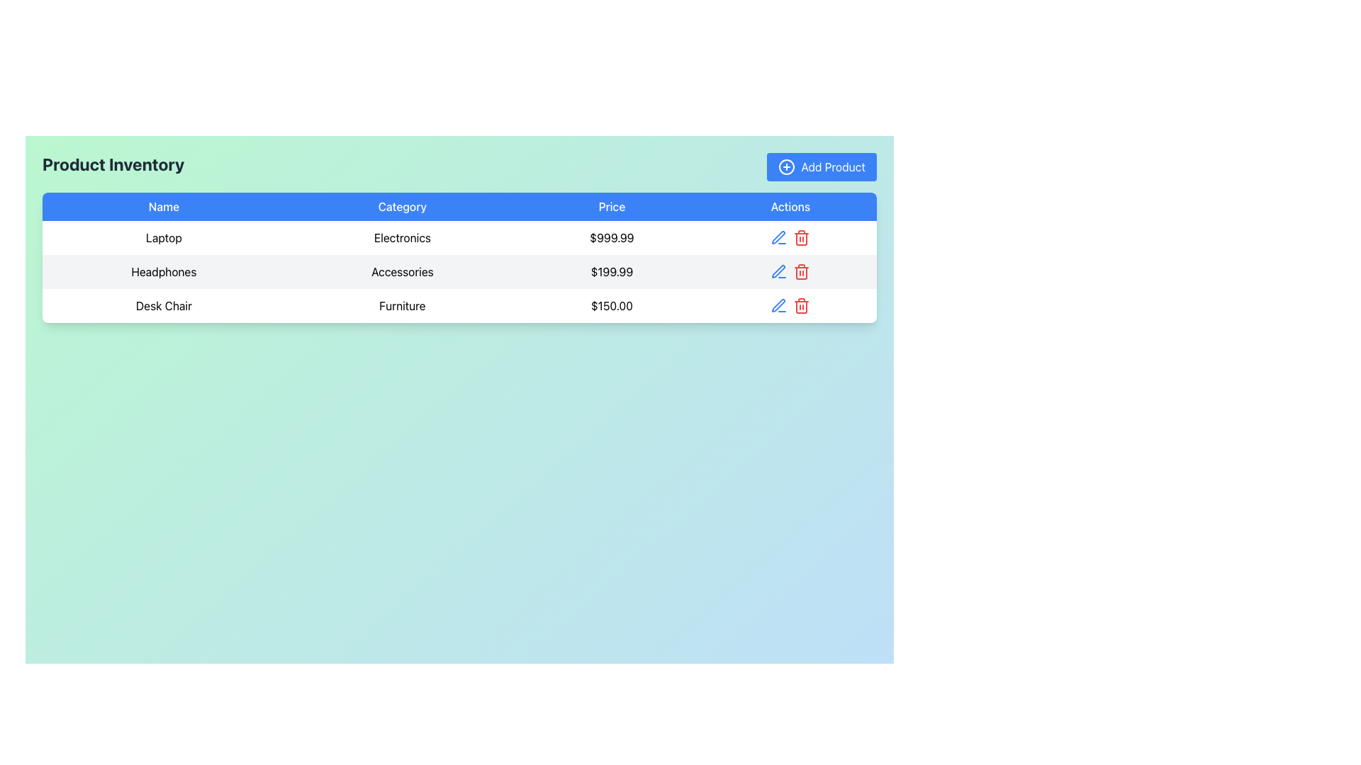 This screenshot has width=1361, height=765. What do you see at coordinates (401, 272) in the screenshot?
I see `the 'Accessories' text label located in the second row of the table under the 'Category' column, which is styled in black text on a light gray background` at bounding box center [401, 272].